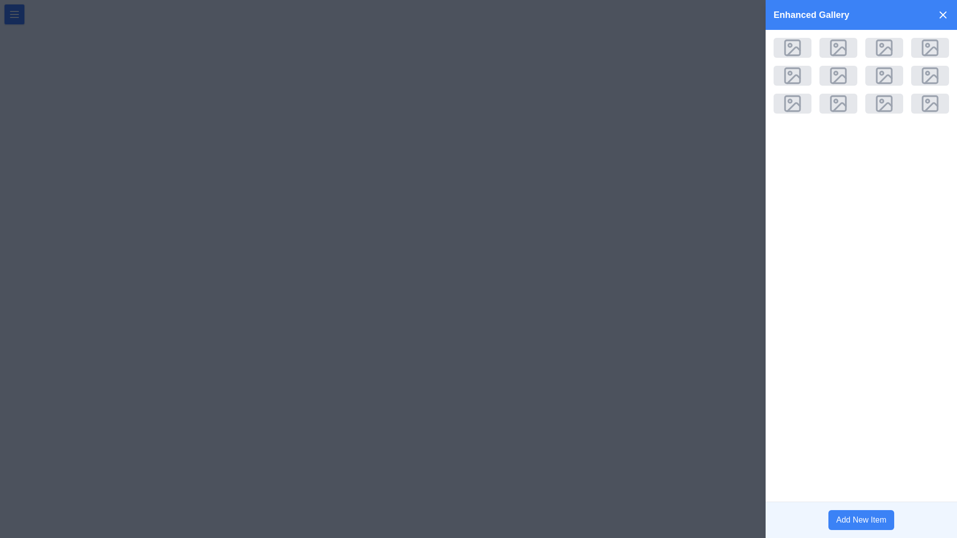 Image resolution: width=957 pixels, height=538 pixels. What do you see at coordinates (930, 104) in the screenshot?
I see `the image placeholder located in the bottom-right corner of the grid layout` at bounding box center [930, 104].